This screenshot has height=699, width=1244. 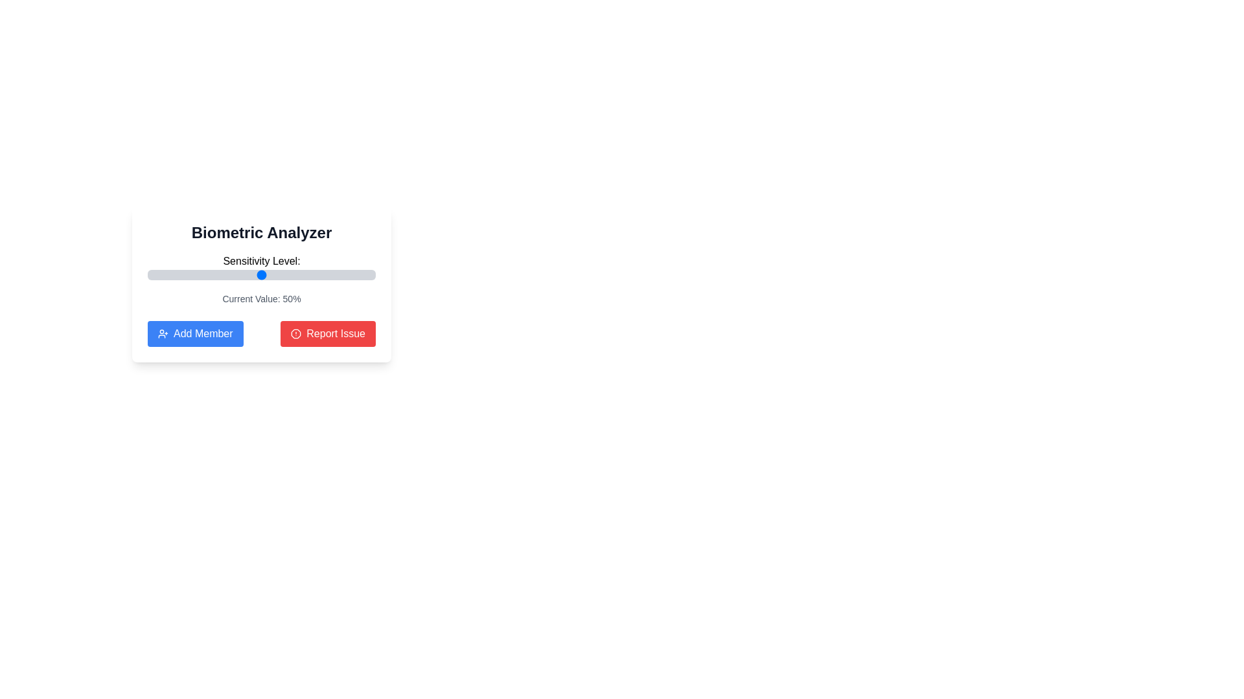 I want to click on the sensitivity level, so click(x=195, y=274).